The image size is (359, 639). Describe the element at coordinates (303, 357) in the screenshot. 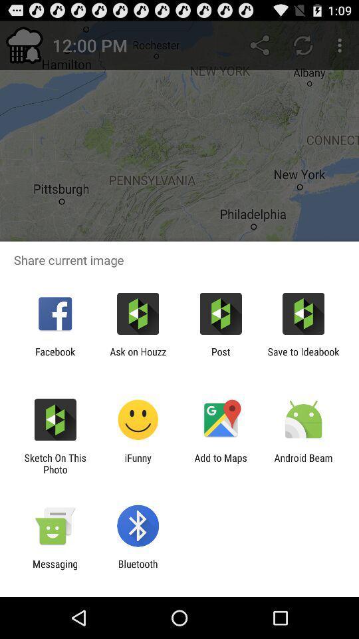

I see `save to ideabook item` at that location.